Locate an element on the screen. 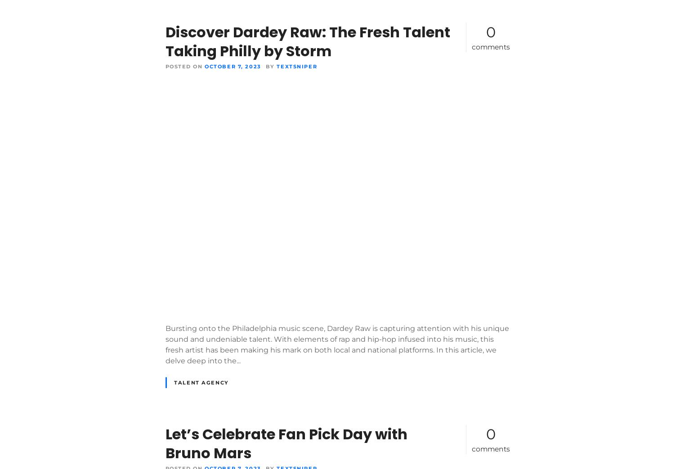  'Let’s Celebrate Fan Pick Day with Bruno Mars' is located at coordinates (286, 443).